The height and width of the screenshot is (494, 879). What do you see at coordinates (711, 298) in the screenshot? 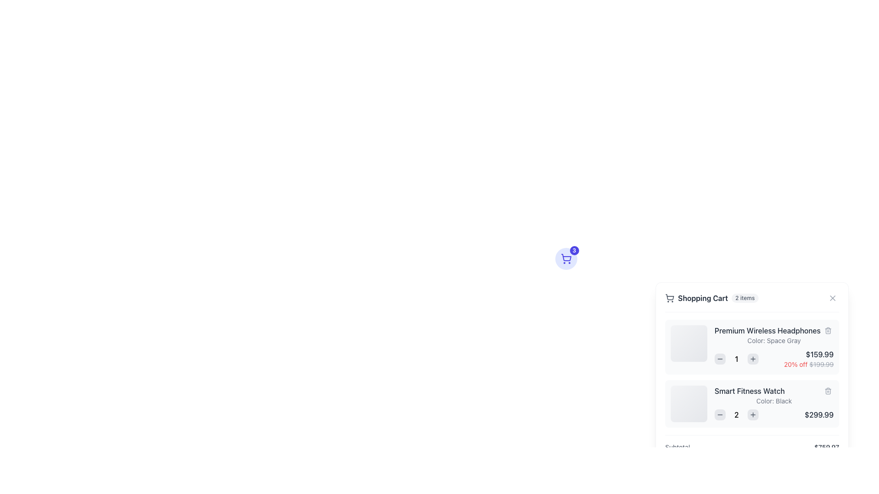
I see `the 'Shopping Cart' element, which includes the text 'Shopping Cart', a badge displaying '2 items', and a shopping cart icon to the left, located at the top-left corner of the cart display area` at bounding box center [711, 298].